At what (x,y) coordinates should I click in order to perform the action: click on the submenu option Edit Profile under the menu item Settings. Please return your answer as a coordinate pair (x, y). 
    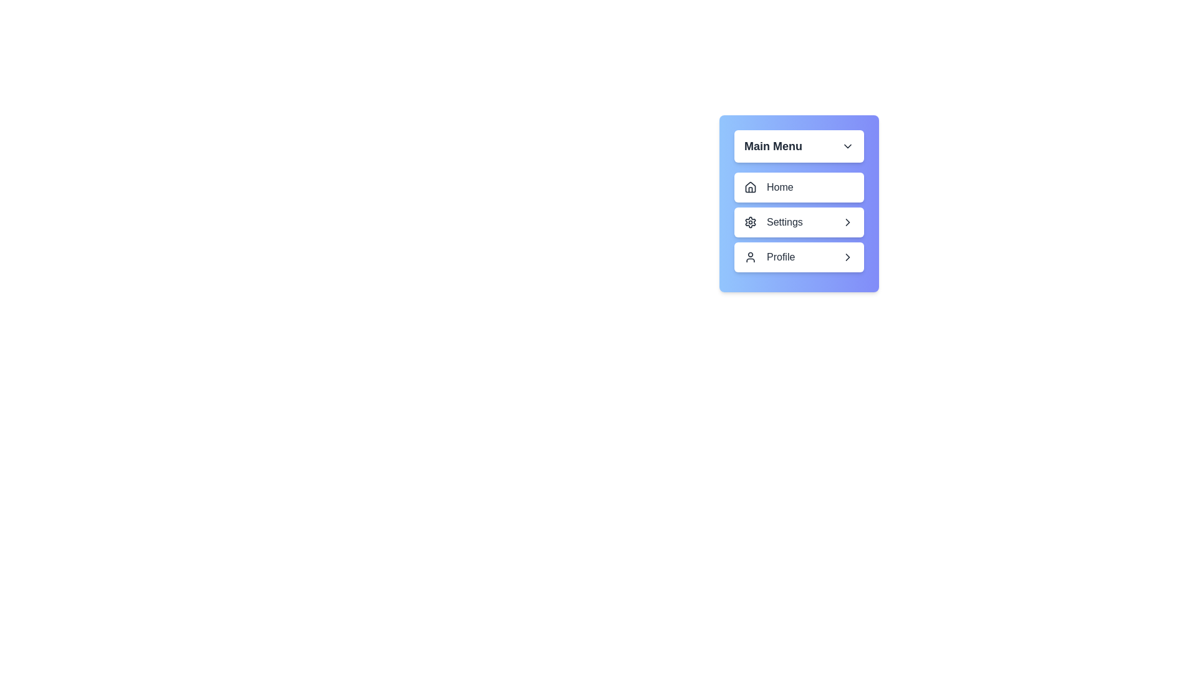
    Looking at the image, I should click on (799, 222).